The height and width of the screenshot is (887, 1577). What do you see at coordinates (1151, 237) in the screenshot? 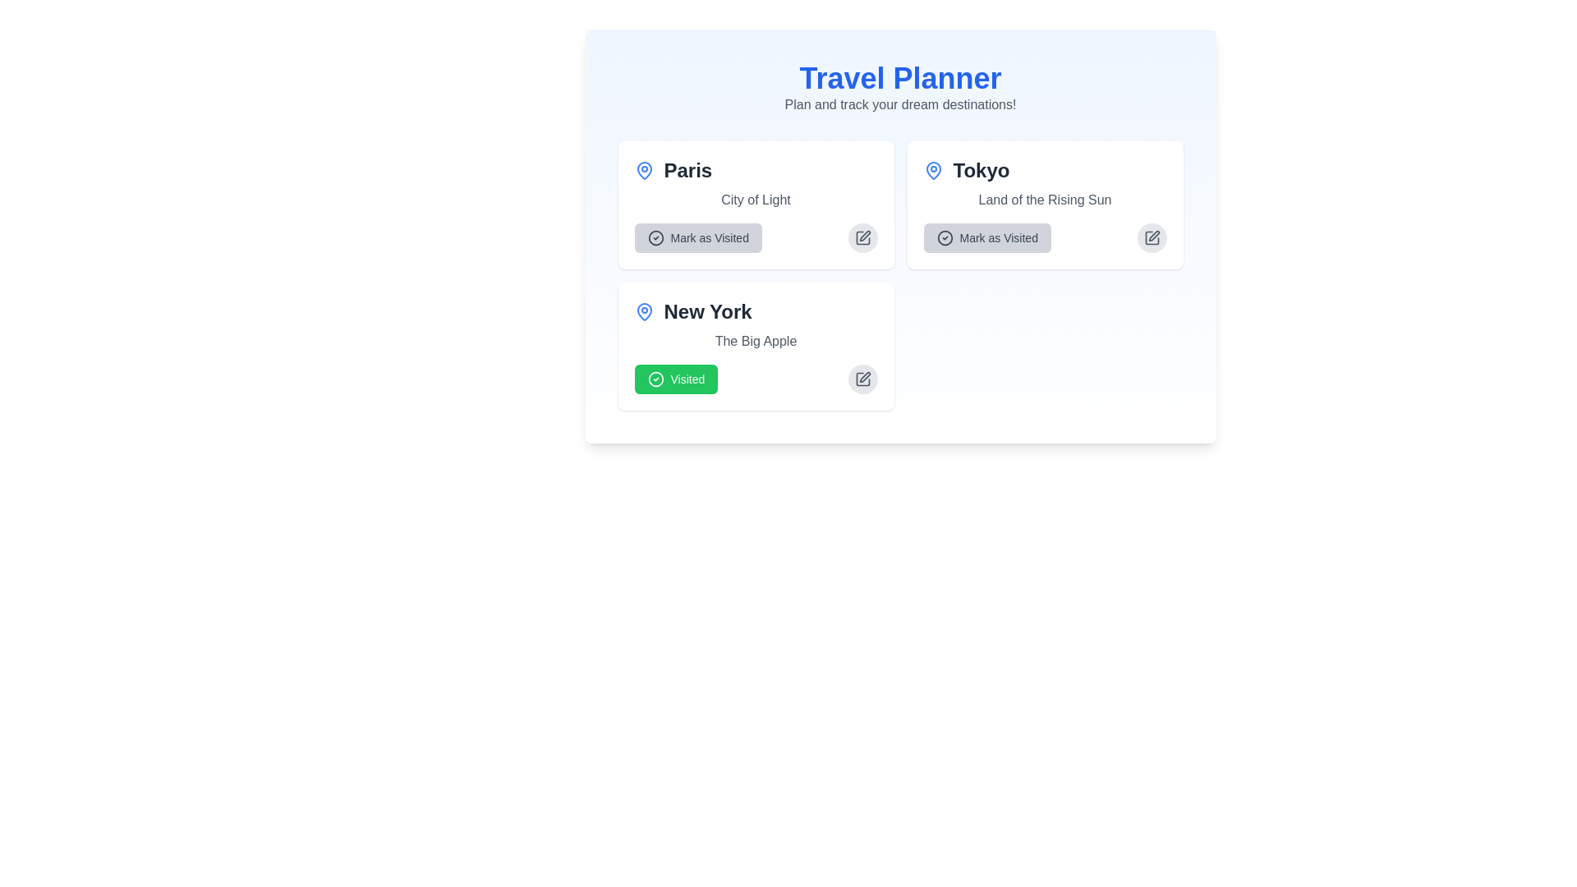
I see `the editing icon (pen over a square) located in the top-right corner of the 'Tokyo' card to initiate editing` at bounding box center [1151, 237].